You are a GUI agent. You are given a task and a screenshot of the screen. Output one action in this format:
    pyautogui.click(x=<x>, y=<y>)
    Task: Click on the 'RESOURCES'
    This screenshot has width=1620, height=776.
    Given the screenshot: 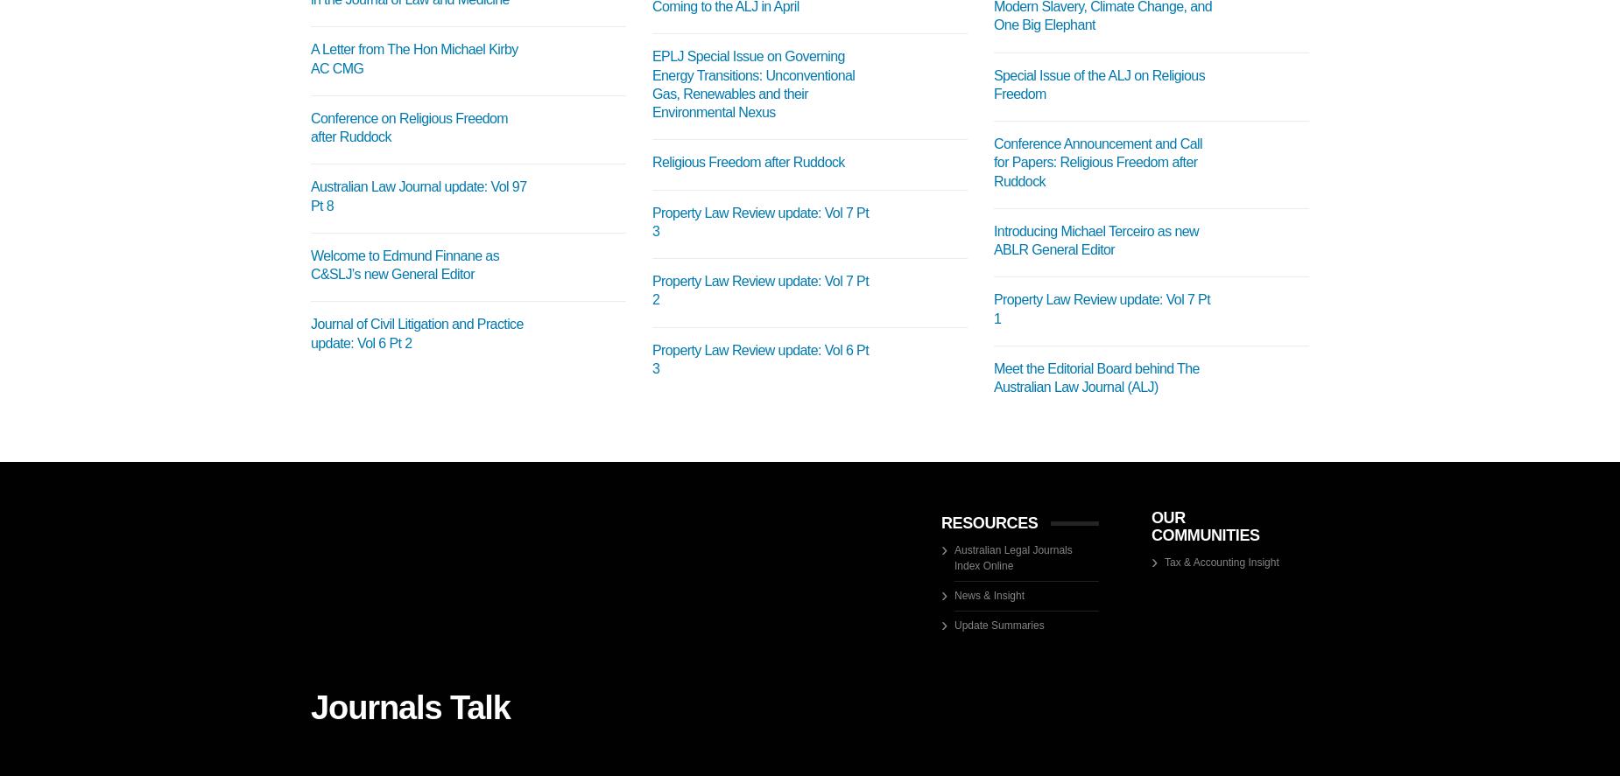 What is the action you would take?
    pyautogui.click(x=988, y=523)
    